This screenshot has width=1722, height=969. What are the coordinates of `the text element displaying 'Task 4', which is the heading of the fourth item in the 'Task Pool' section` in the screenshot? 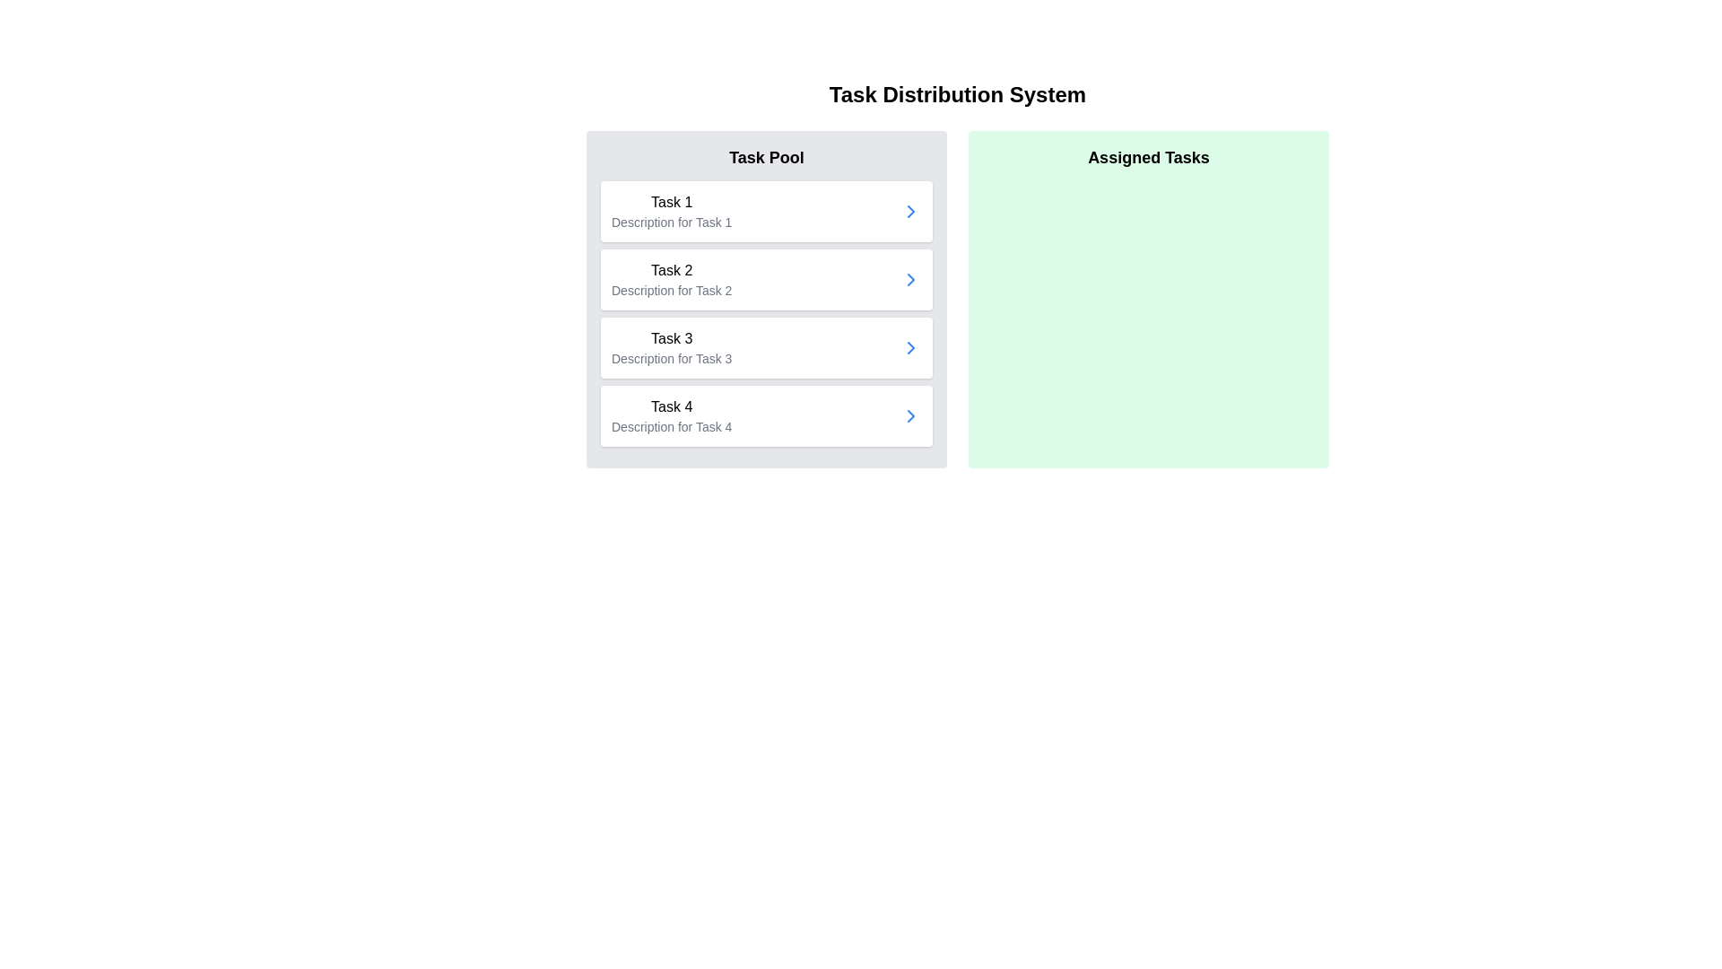 It's located at (671, 407).